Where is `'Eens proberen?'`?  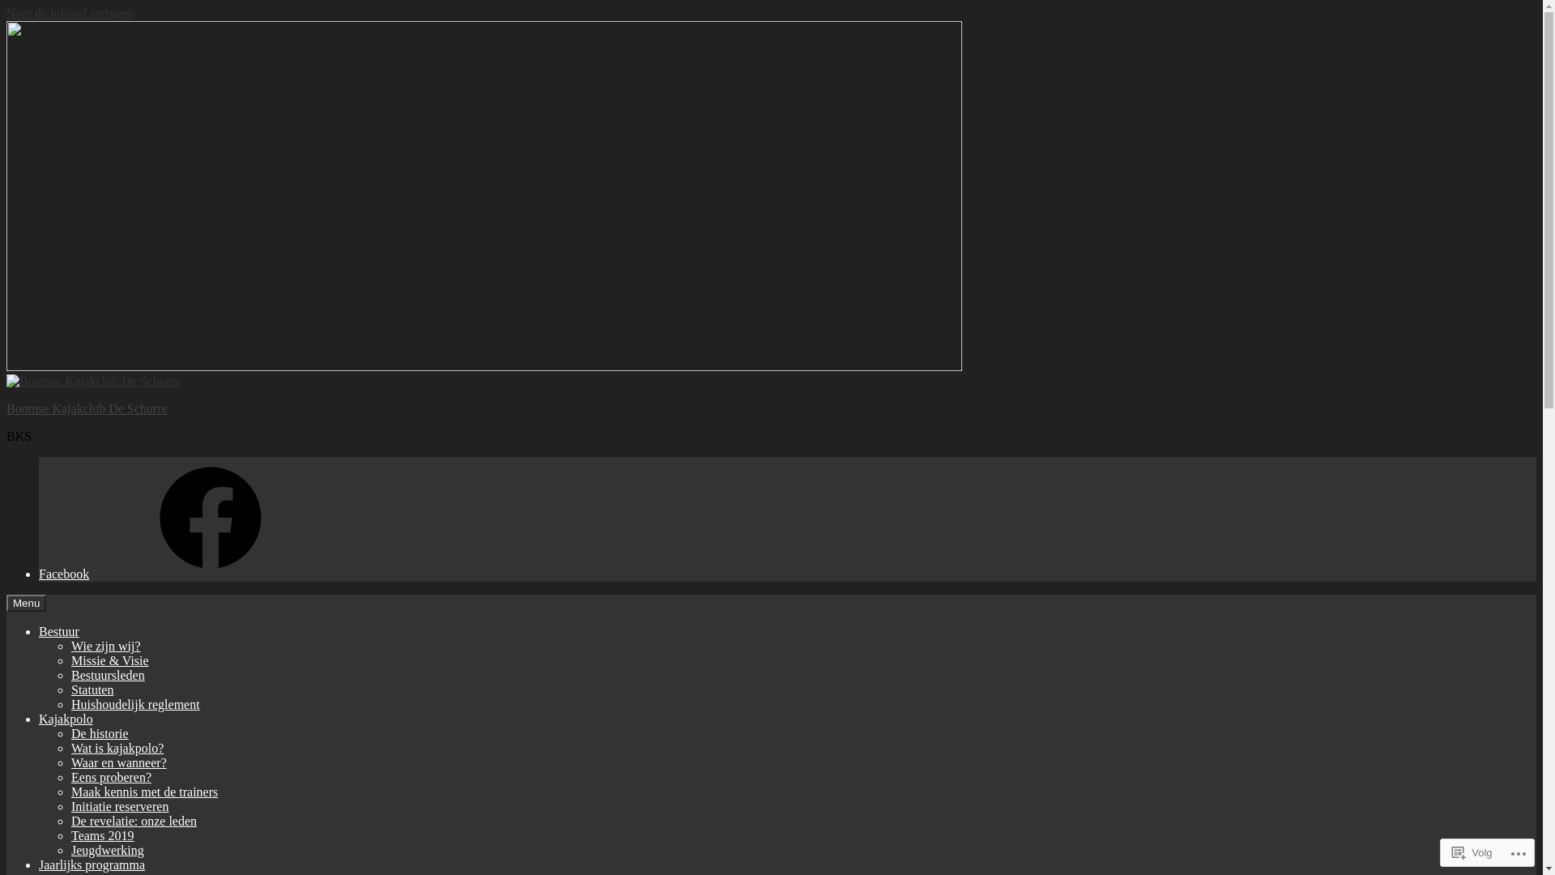
'Eens proberen?' is located at coordinates (110, 776).